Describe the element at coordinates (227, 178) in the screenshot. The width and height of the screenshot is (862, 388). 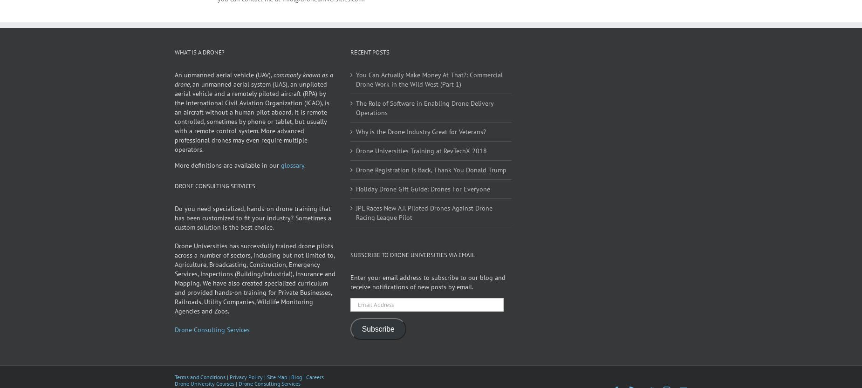
I see `'More definitions are available in our'` at that location.